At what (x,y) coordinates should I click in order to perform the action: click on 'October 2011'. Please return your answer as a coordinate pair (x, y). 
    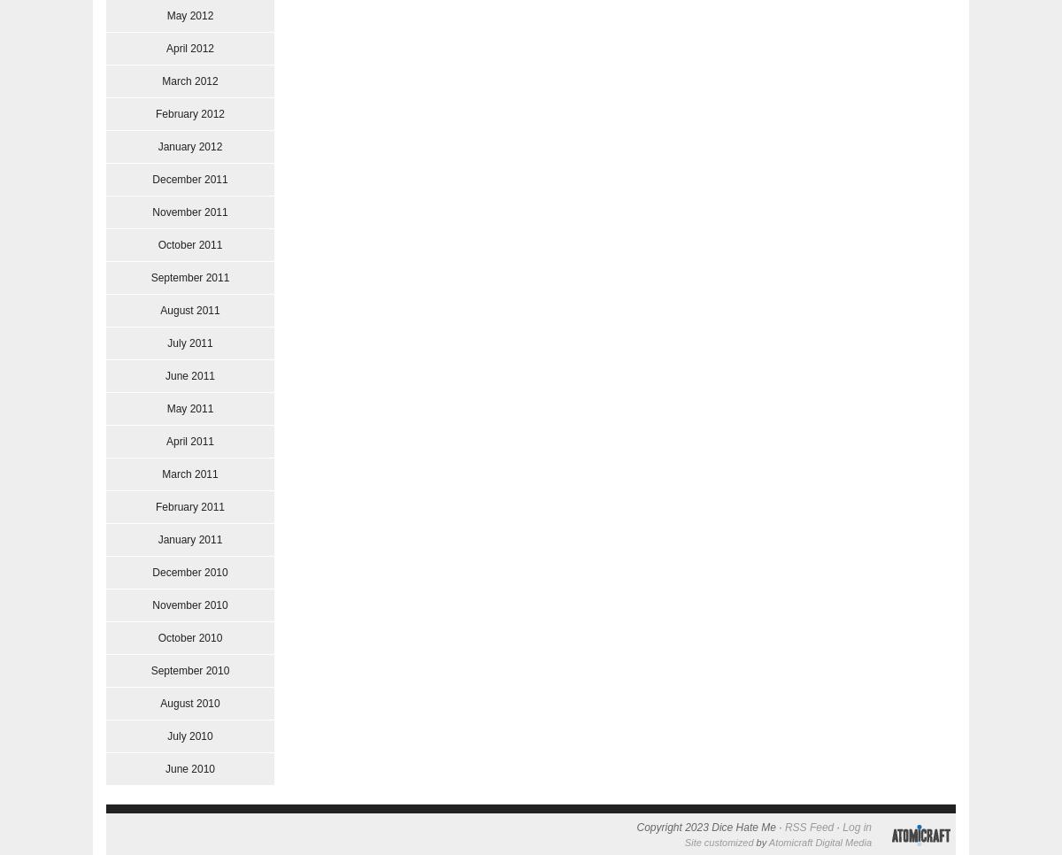
    Looking at the image, I should click on (189, 244).